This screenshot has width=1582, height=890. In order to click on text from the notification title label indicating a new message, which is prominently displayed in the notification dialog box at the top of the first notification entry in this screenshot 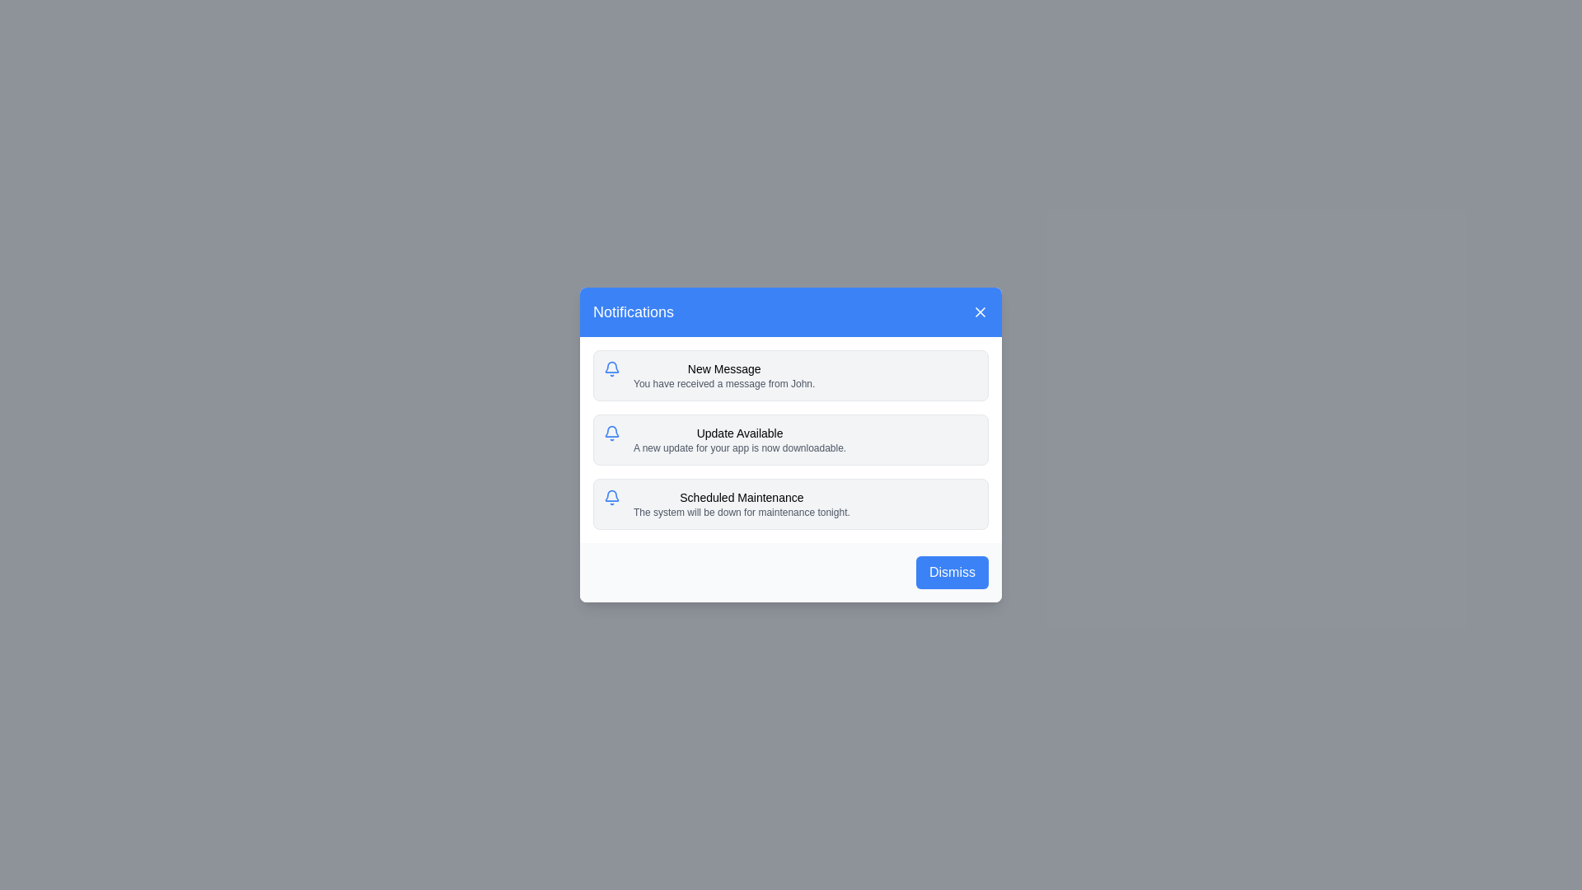, I will do `click(724, 368)`.